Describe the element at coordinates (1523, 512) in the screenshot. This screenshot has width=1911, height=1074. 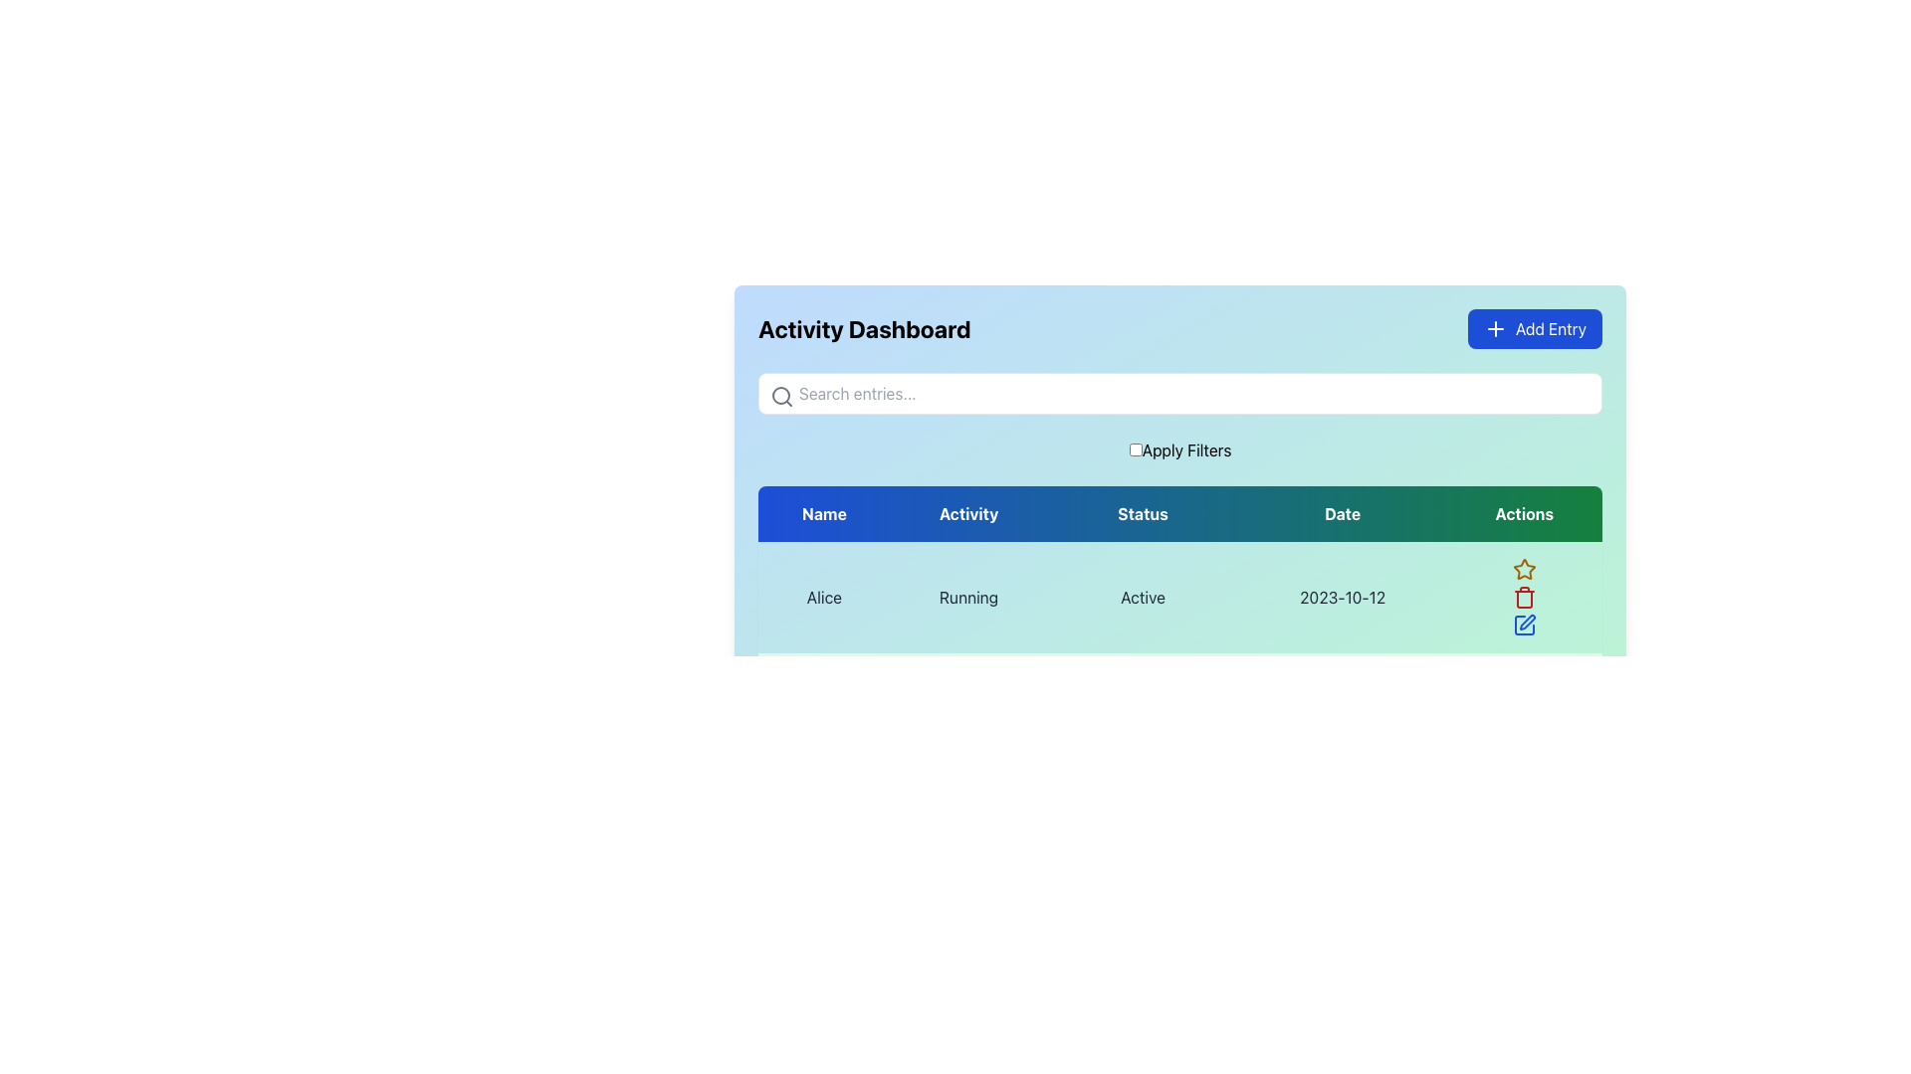
I see `the text label in the table header row, which is the last element indicating action-related functionalities for the items below, located to the right of the 'Date' header` at that location.